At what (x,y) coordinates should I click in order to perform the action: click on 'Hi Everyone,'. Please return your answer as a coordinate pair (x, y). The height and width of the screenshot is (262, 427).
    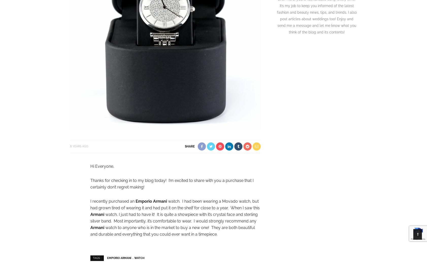
    Looking at the image, I should click on (102, 166).